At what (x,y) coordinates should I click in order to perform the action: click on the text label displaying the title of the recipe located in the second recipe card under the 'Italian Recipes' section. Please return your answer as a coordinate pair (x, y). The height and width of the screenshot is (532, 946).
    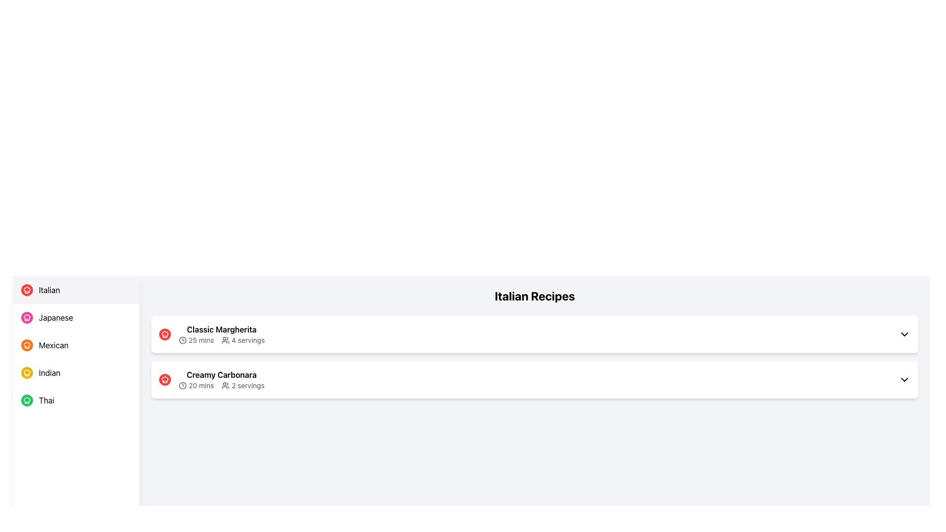
    Looking at the image, I should click on (221, 374).